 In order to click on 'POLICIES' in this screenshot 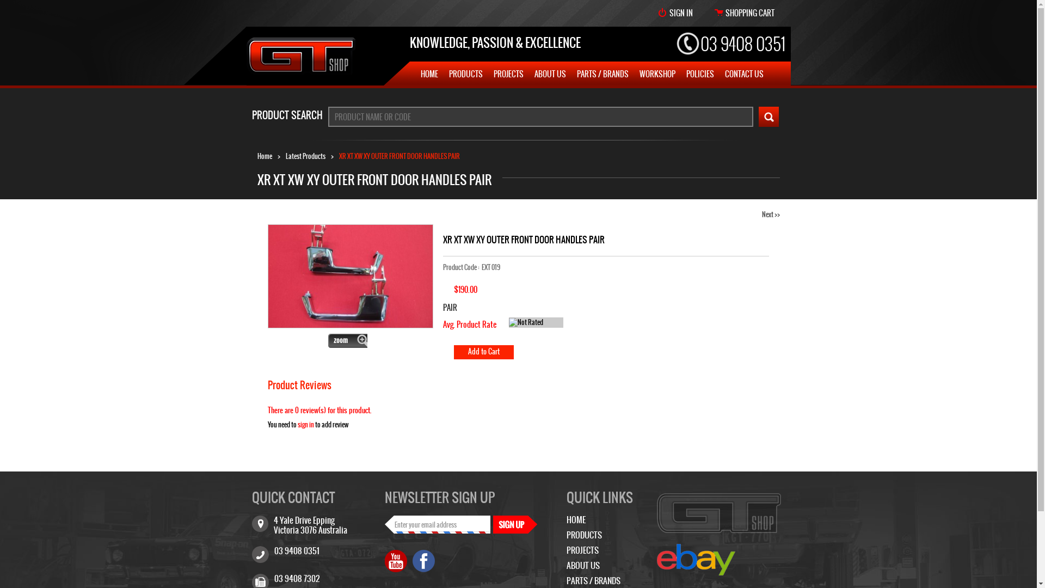, I will do `click(699, 73)`.